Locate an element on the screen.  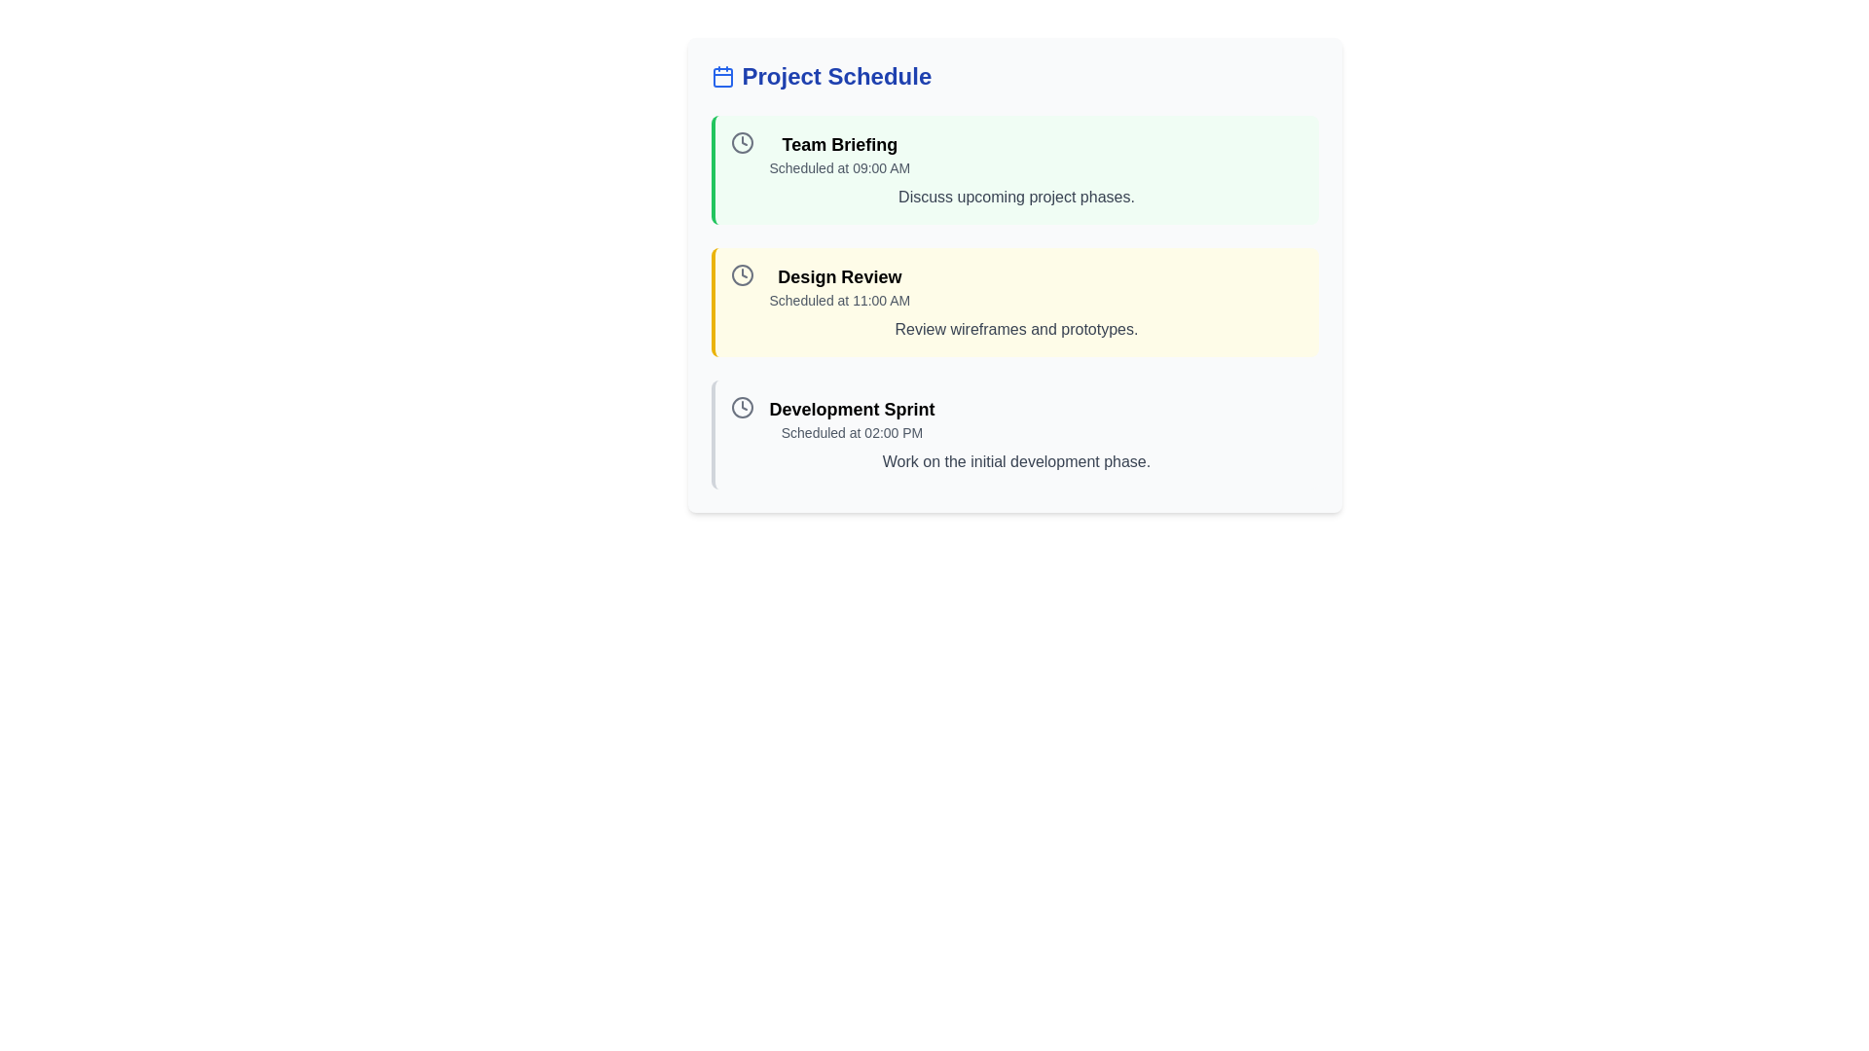
the informational Text Label located at the bottom-center of the 'Design Review' card is located at coordinates (1015, 329).